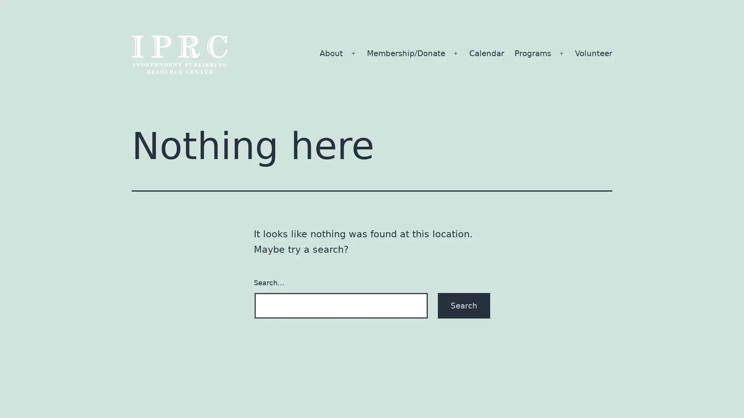 This screenshot has height=418, width=744. What do you see at coordinates (561, 53) in the screenshot?
I see `Open menu` at bounding box center [561, 53].